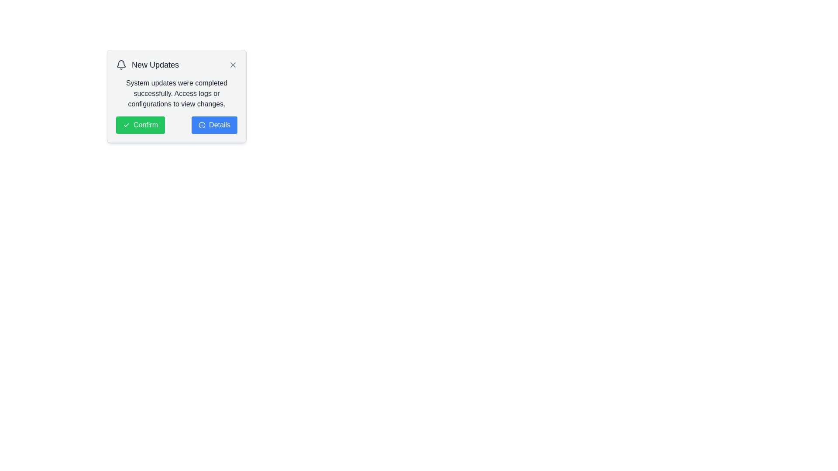 This screenshot has width=838, height=471. Describe the element at coordinates (176, 65) in the screenshot. I see `the 'New Updates' text in the notification header` at that location.